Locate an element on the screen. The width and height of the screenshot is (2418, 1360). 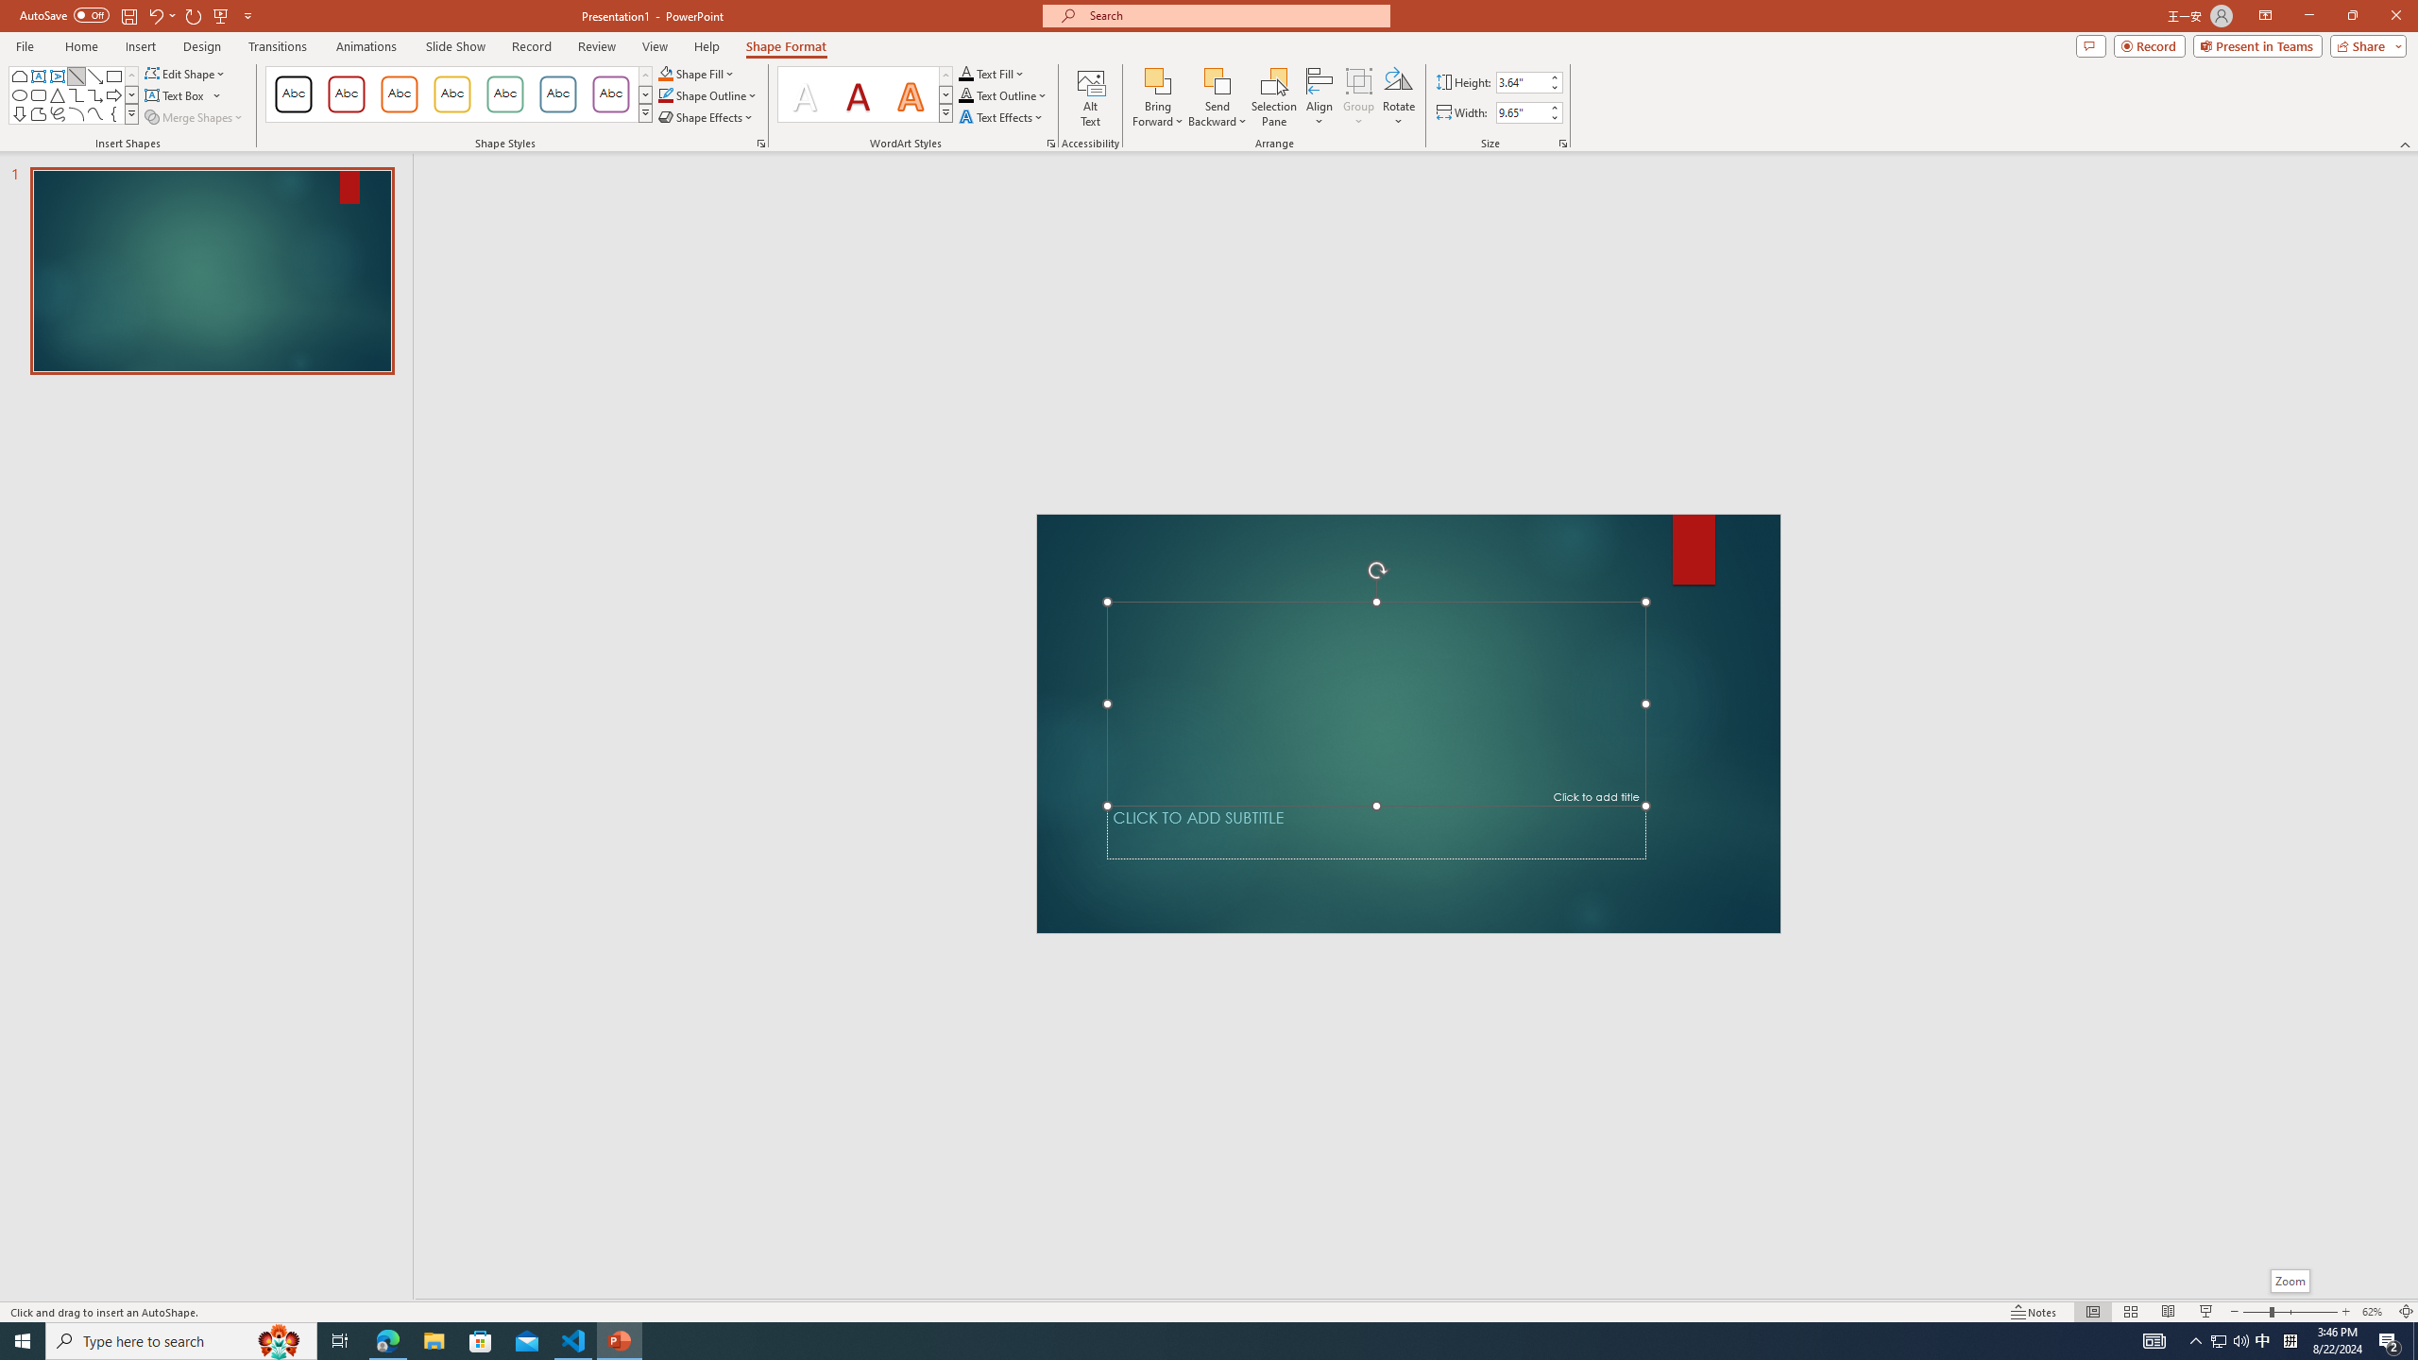
'Colored Outline - Orange, Accent 2' is located at coordinates (398, 93).